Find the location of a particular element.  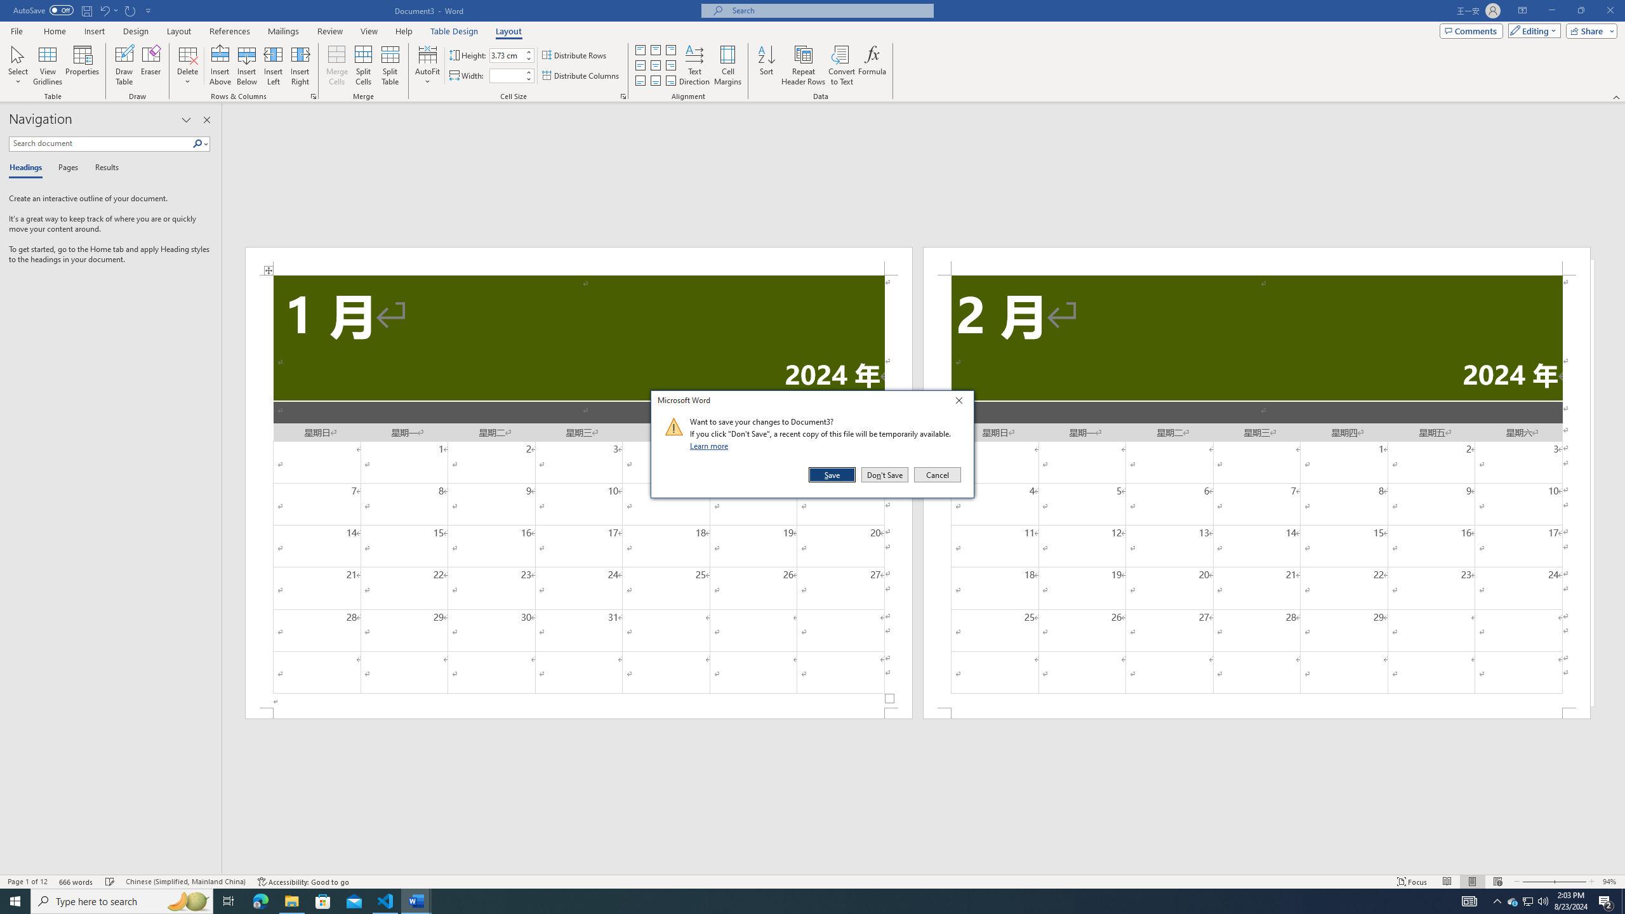

'Show desktop' is located at coordinates (1622, 900).